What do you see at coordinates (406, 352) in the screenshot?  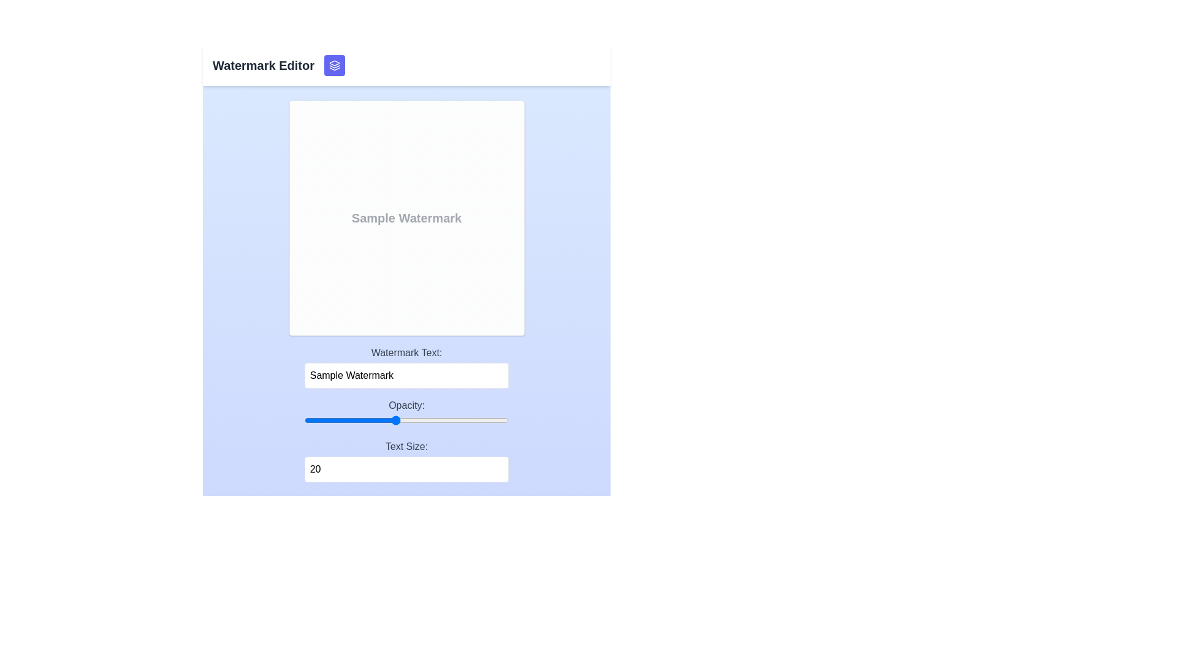 I see `the descriptive label indicating the purpose of the input field for watermark text, which is located towards the center-left of the interface above the text input field` at bounding box center [406, 352].